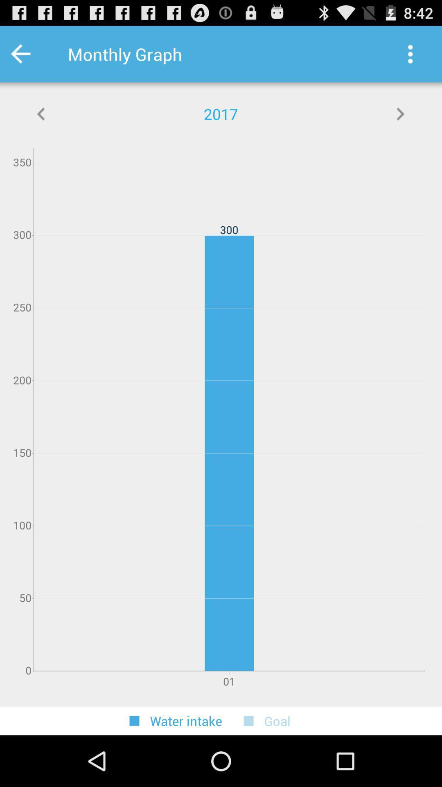 This screenshot has width=442, height=787. What do you see at coordinates (41, 114) in the screenshot?
I see `displays more graph info` at bounding box center [41, 114].